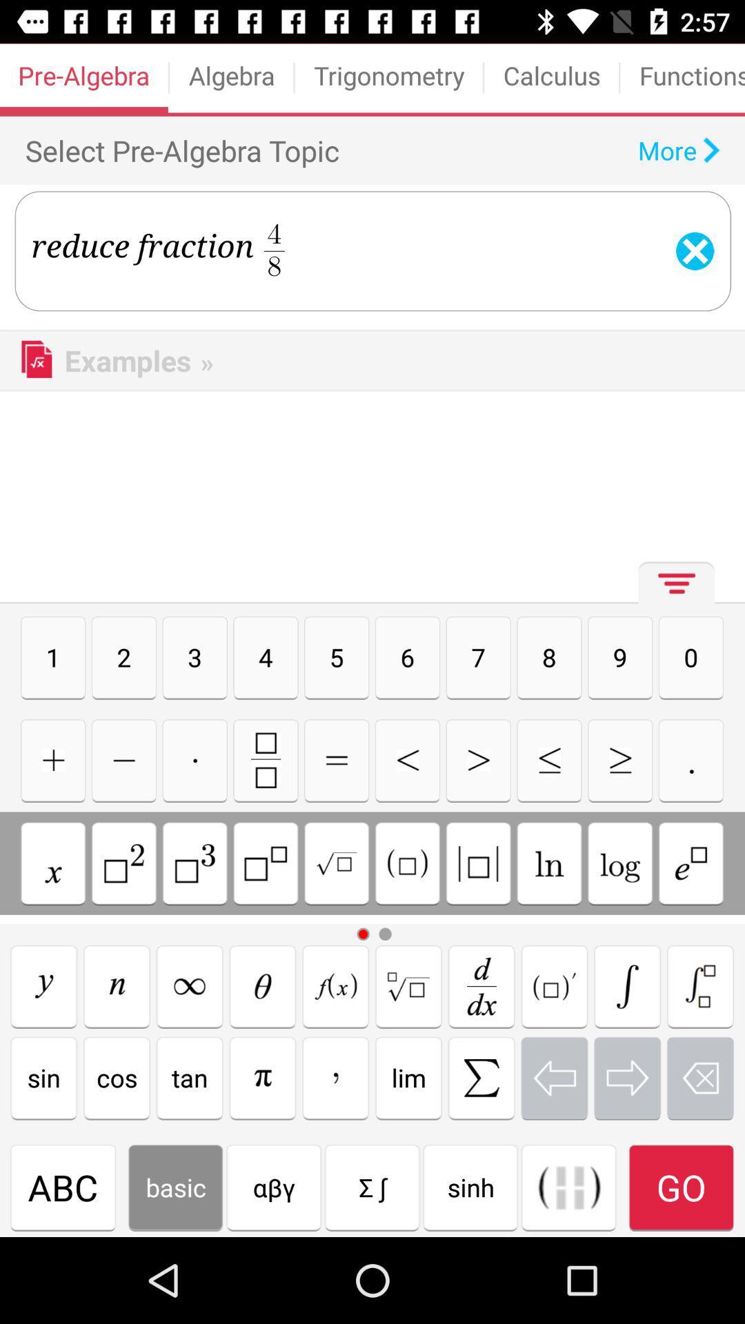 The width and height of the screenshot is (745, 1324). Describe the element at coordinates (406, 863) in the screenshot. I see `type square symbol` at that location.